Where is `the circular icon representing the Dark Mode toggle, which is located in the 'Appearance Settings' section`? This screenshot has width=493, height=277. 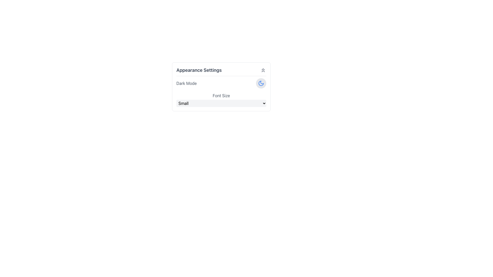 the circular icon representing the Dark Mode toggle, which is located in the 'Appearance Settings' section is located at coordinates (261, 83).